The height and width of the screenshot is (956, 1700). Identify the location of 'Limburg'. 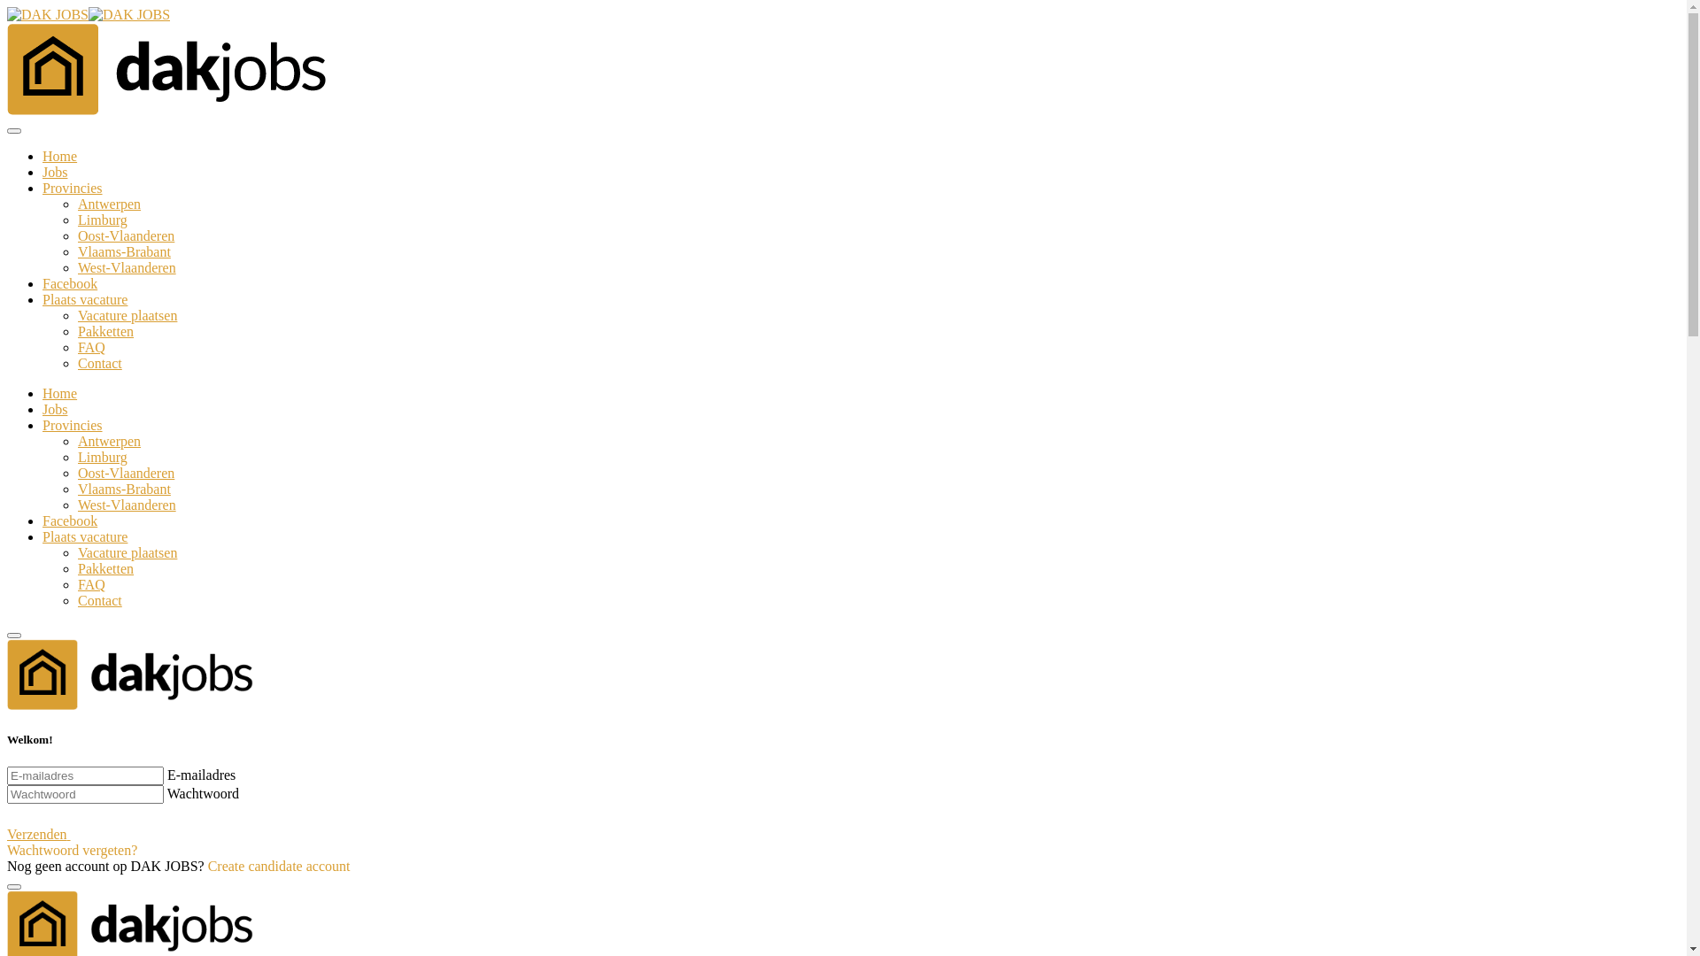
(76, 456).